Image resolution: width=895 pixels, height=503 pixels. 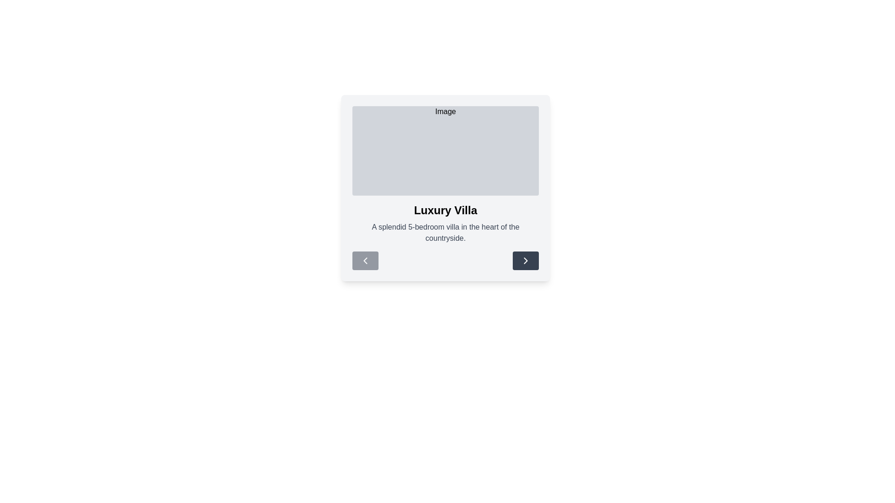 I want to click on the left-pointing chevron icon within the navigation control located at the bottom-left part of the card-like structure, so click(x=365, y=260).